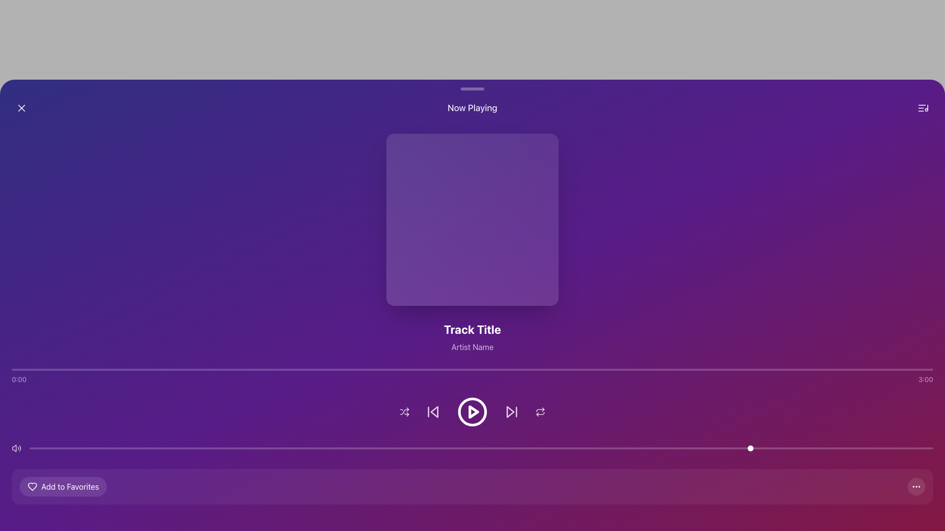 The width and height of the screenshot is (945, 531). I want to click on the slider value, so click(219, 448).